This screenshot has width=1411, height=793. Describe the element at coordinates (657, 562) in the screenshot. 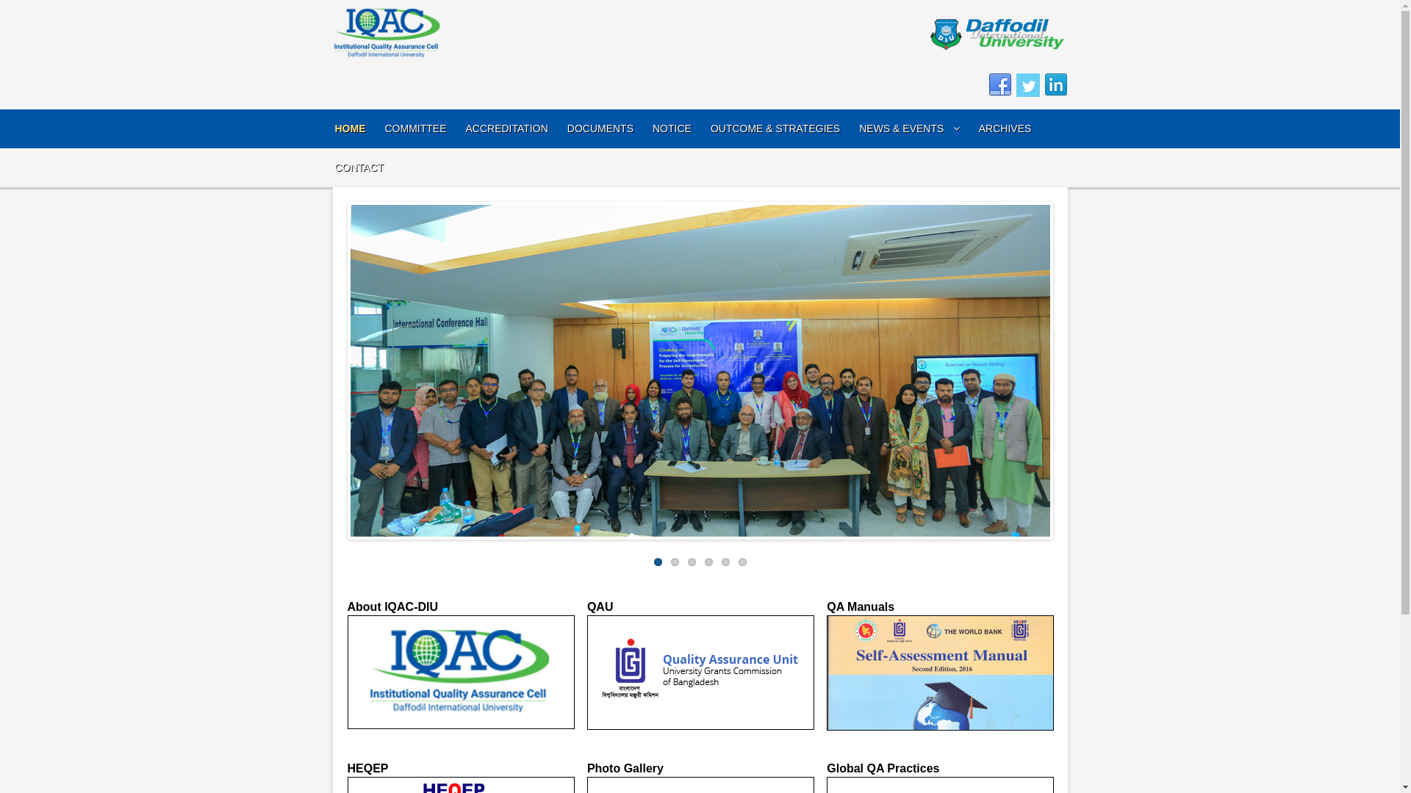

I see `'1'` at that location.